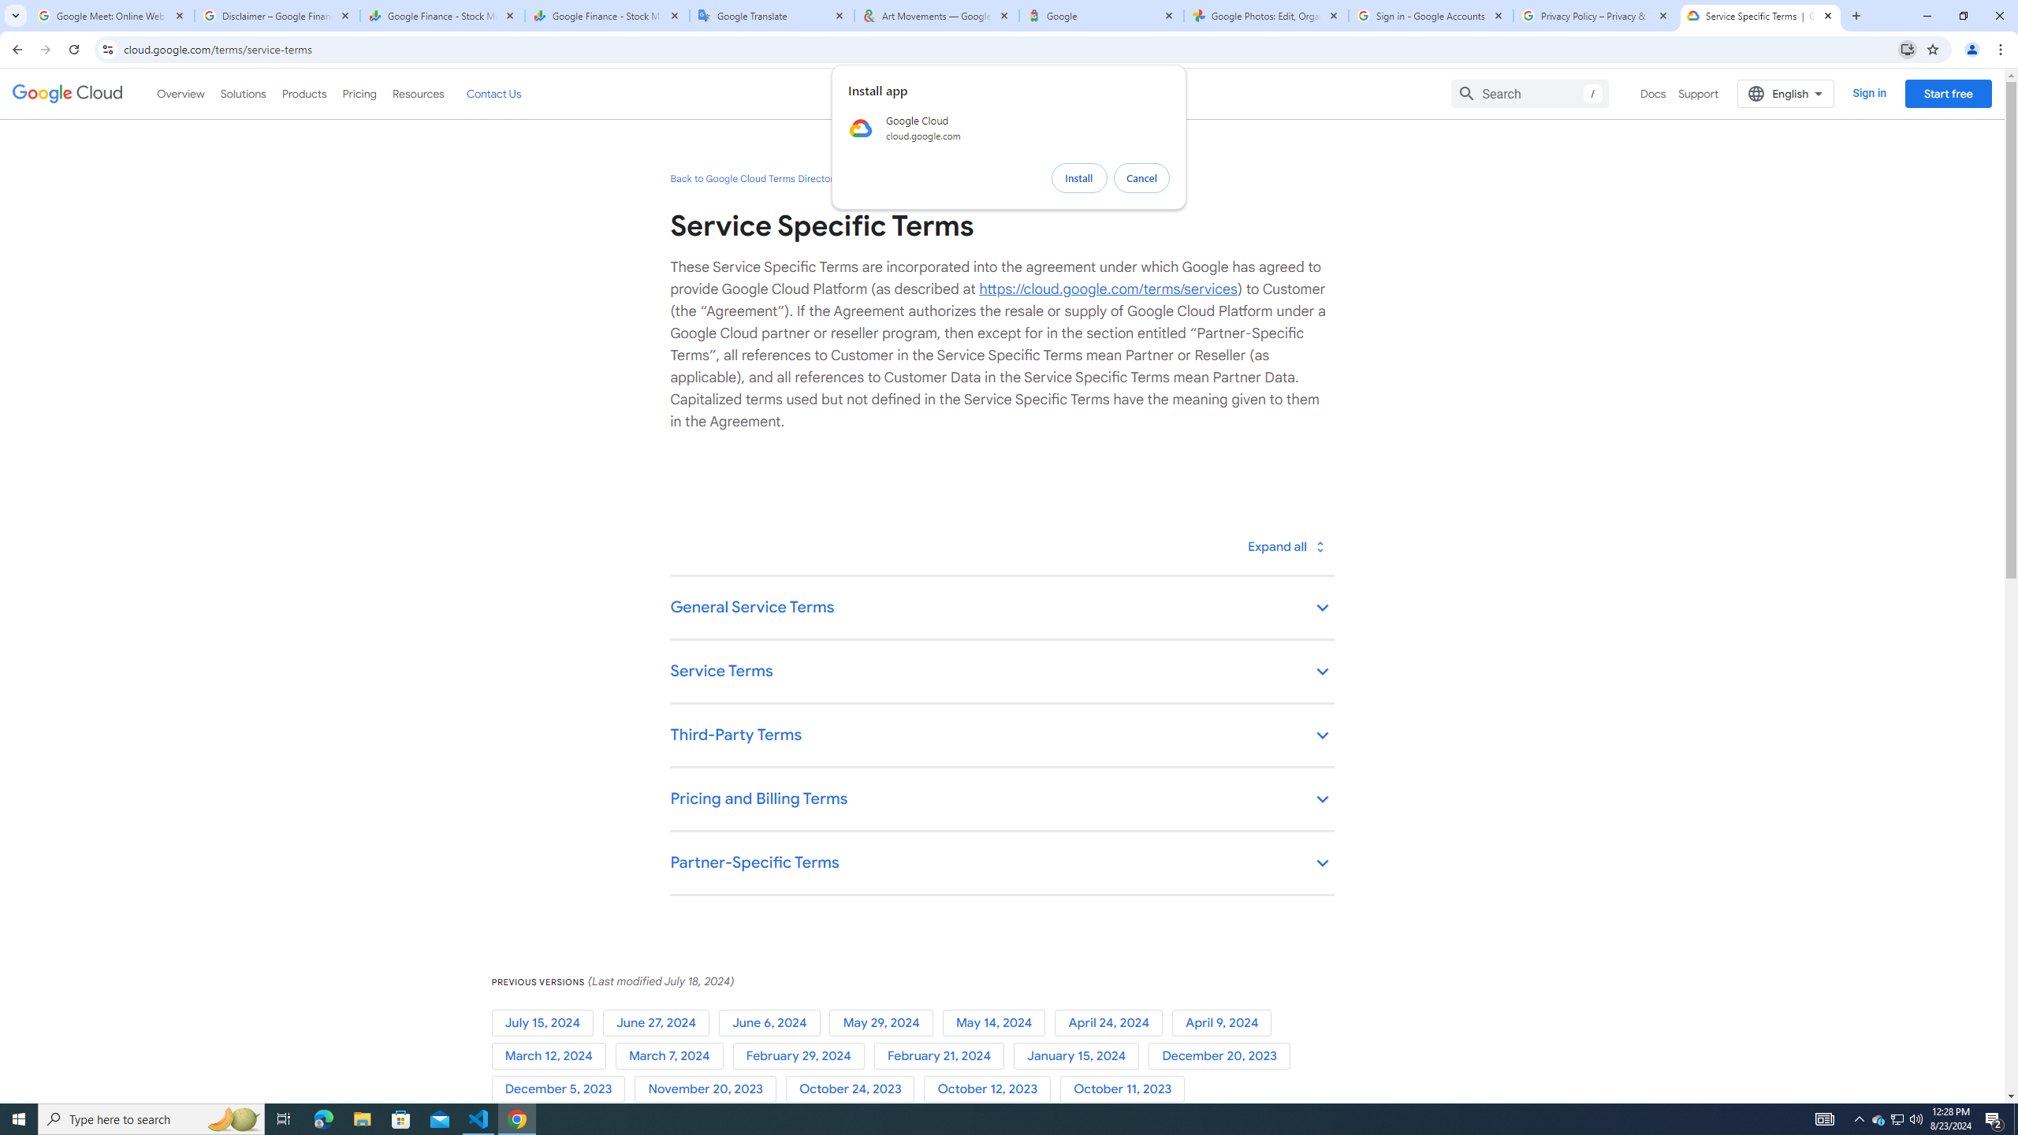  Describe the element at coordinates (999, 1023) in the screenshot. I see `'May 14, 2024'` at that location.